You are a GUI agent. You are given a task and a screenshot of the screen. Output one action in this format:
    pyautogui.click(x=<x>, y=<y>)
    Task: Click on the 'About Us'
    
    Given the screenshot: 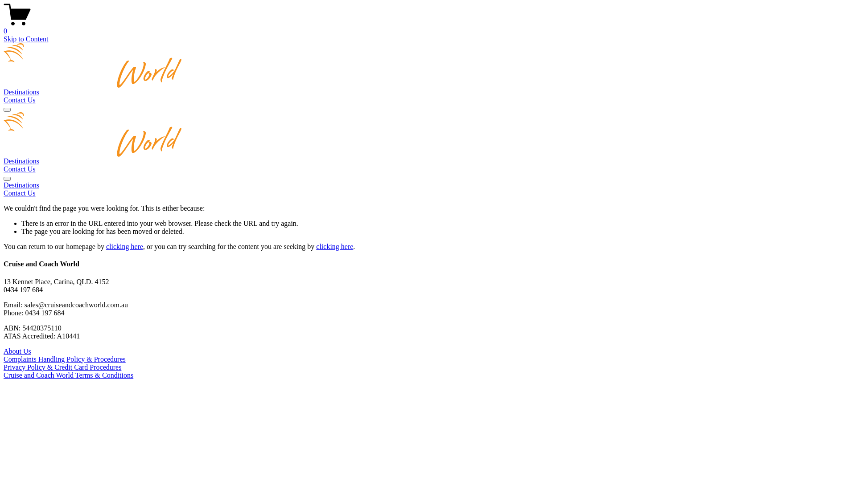 What is the action you would take?
    pyautogui.click(x=4, y=351)
    